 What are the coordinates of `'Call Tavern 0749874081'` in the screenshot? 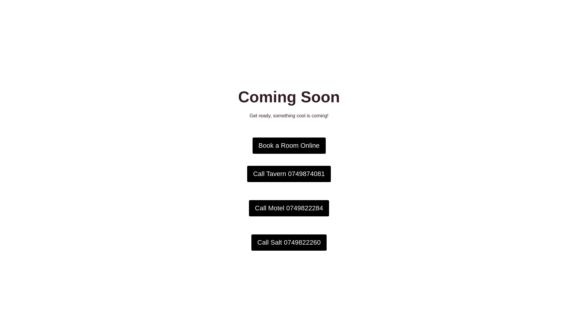 It's located at (289, 174).